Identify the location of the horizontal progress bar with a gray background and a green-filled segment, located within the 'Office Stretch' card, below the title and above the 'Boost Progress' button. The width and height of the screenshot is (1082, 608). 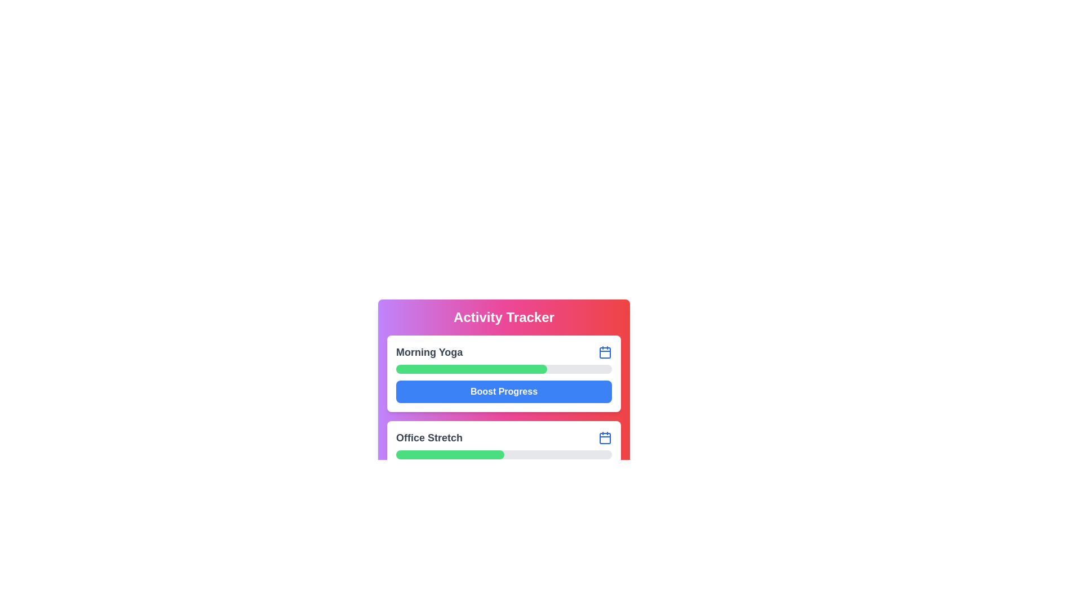
(503, 454).